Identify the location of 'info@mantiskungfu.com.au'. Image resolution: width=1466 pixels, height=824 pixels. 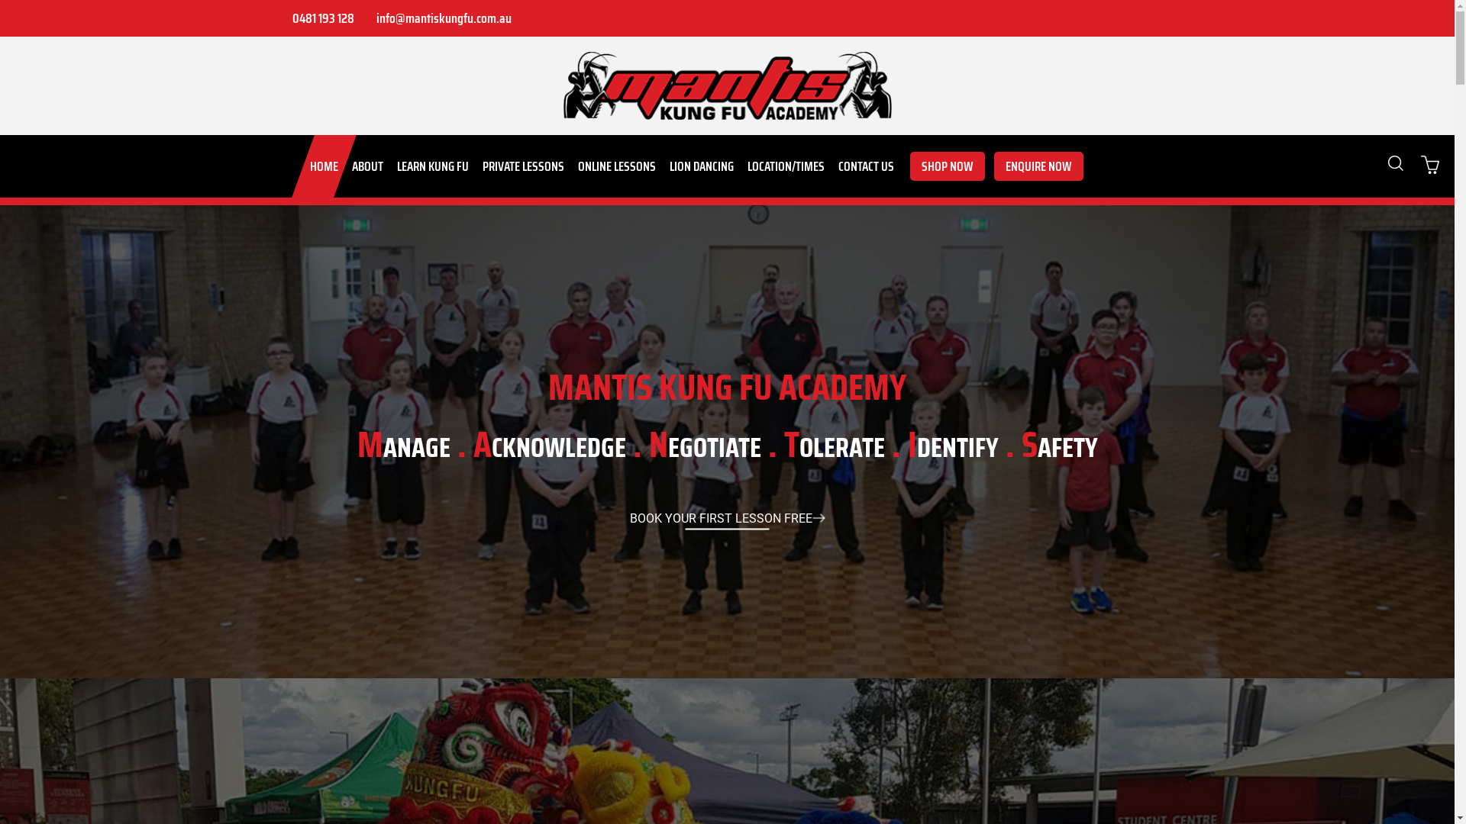
(441, 18).